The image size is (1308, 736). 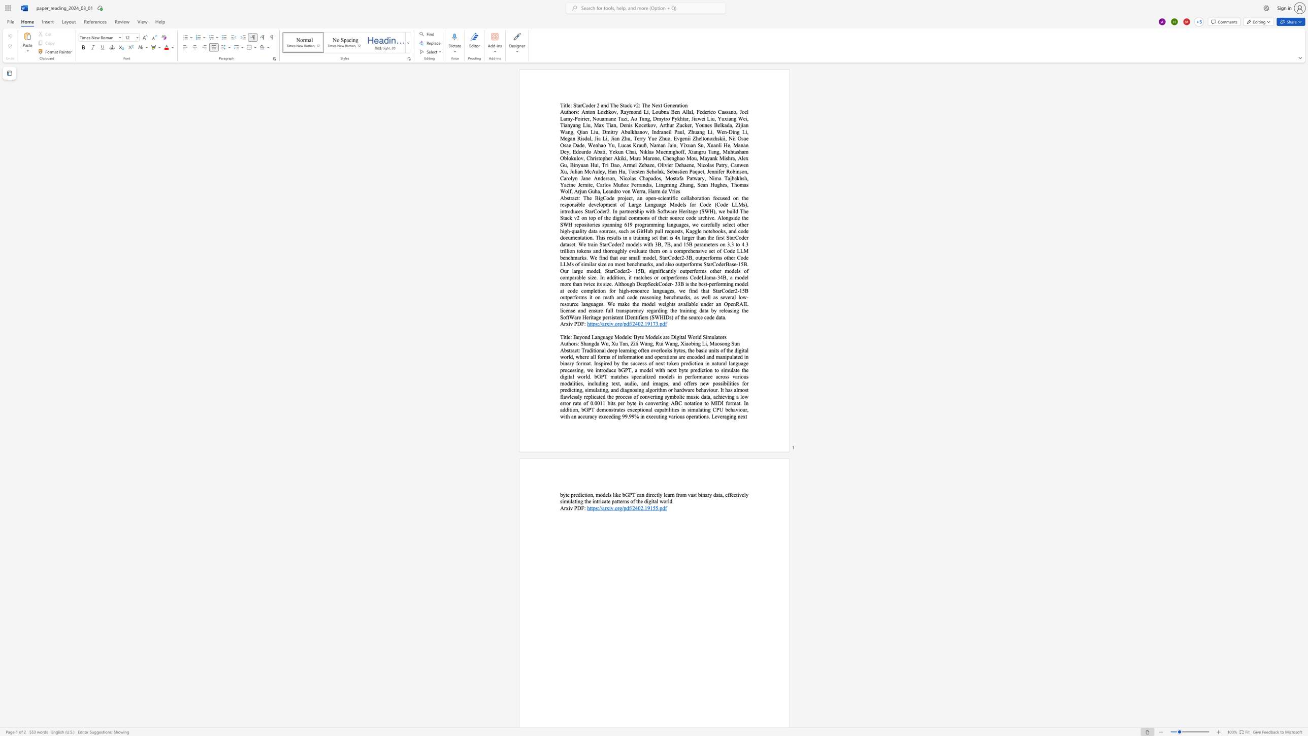 I want to click on the 5th character "e" in the text, so click(x=665, y=198).